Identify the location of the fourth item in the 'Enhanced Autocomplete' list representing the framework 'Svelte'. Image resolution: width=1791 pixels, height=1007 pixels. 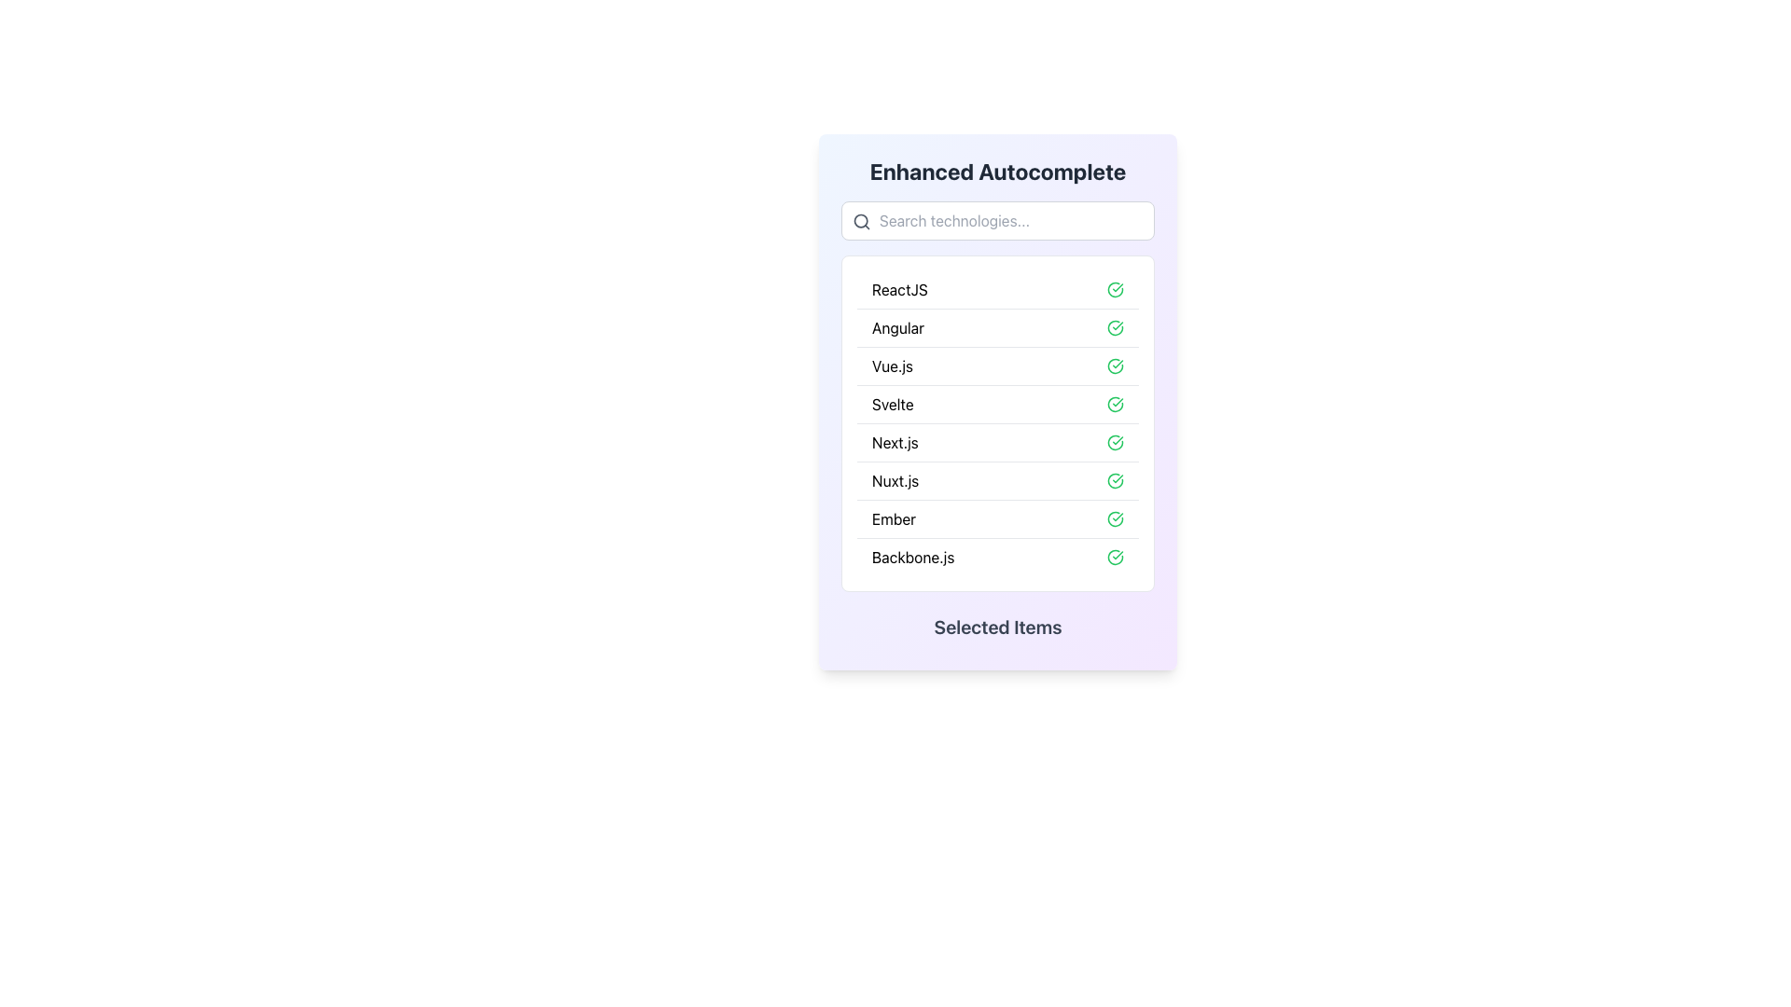
(997, 402).